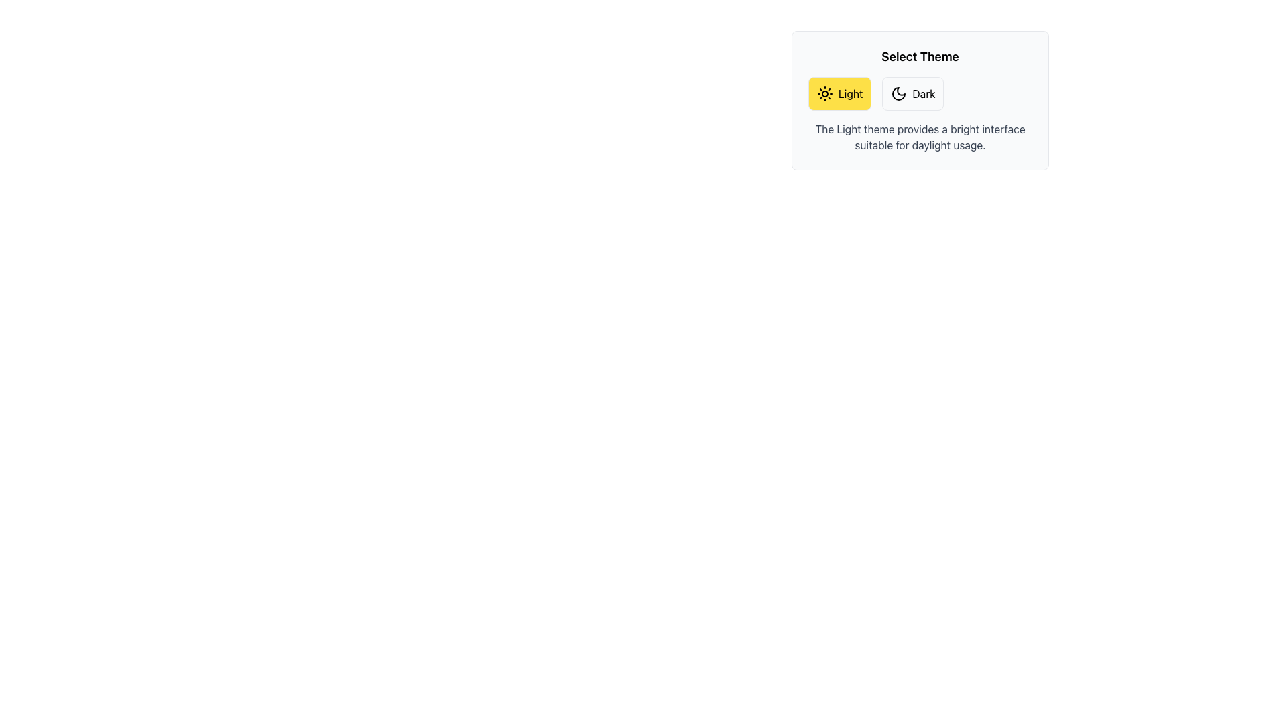 This screenshot has height=724, width=1287. I want to click on the 'Dark' theme button in the 'Select Theme' section, so click(919, 100).